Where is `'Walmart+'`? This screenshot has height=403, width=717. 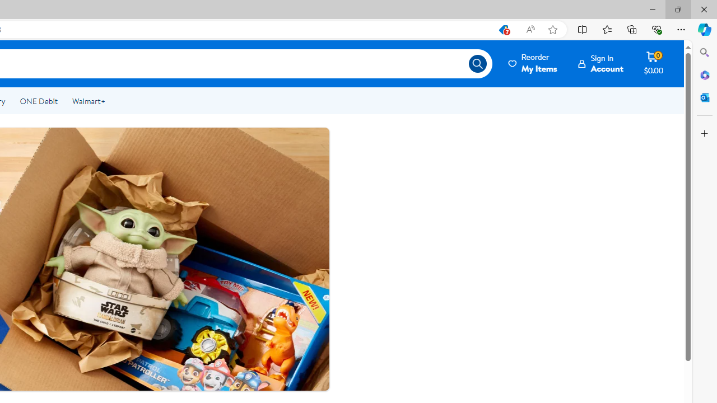 'Walmart+' is located at coordinates (88, 101).